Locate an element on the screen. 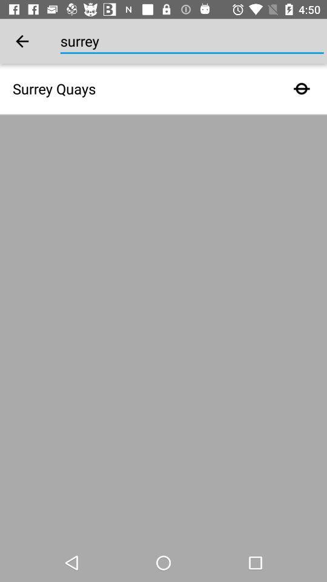  icon to the left of the surrey is located at coordinates (22, 41).